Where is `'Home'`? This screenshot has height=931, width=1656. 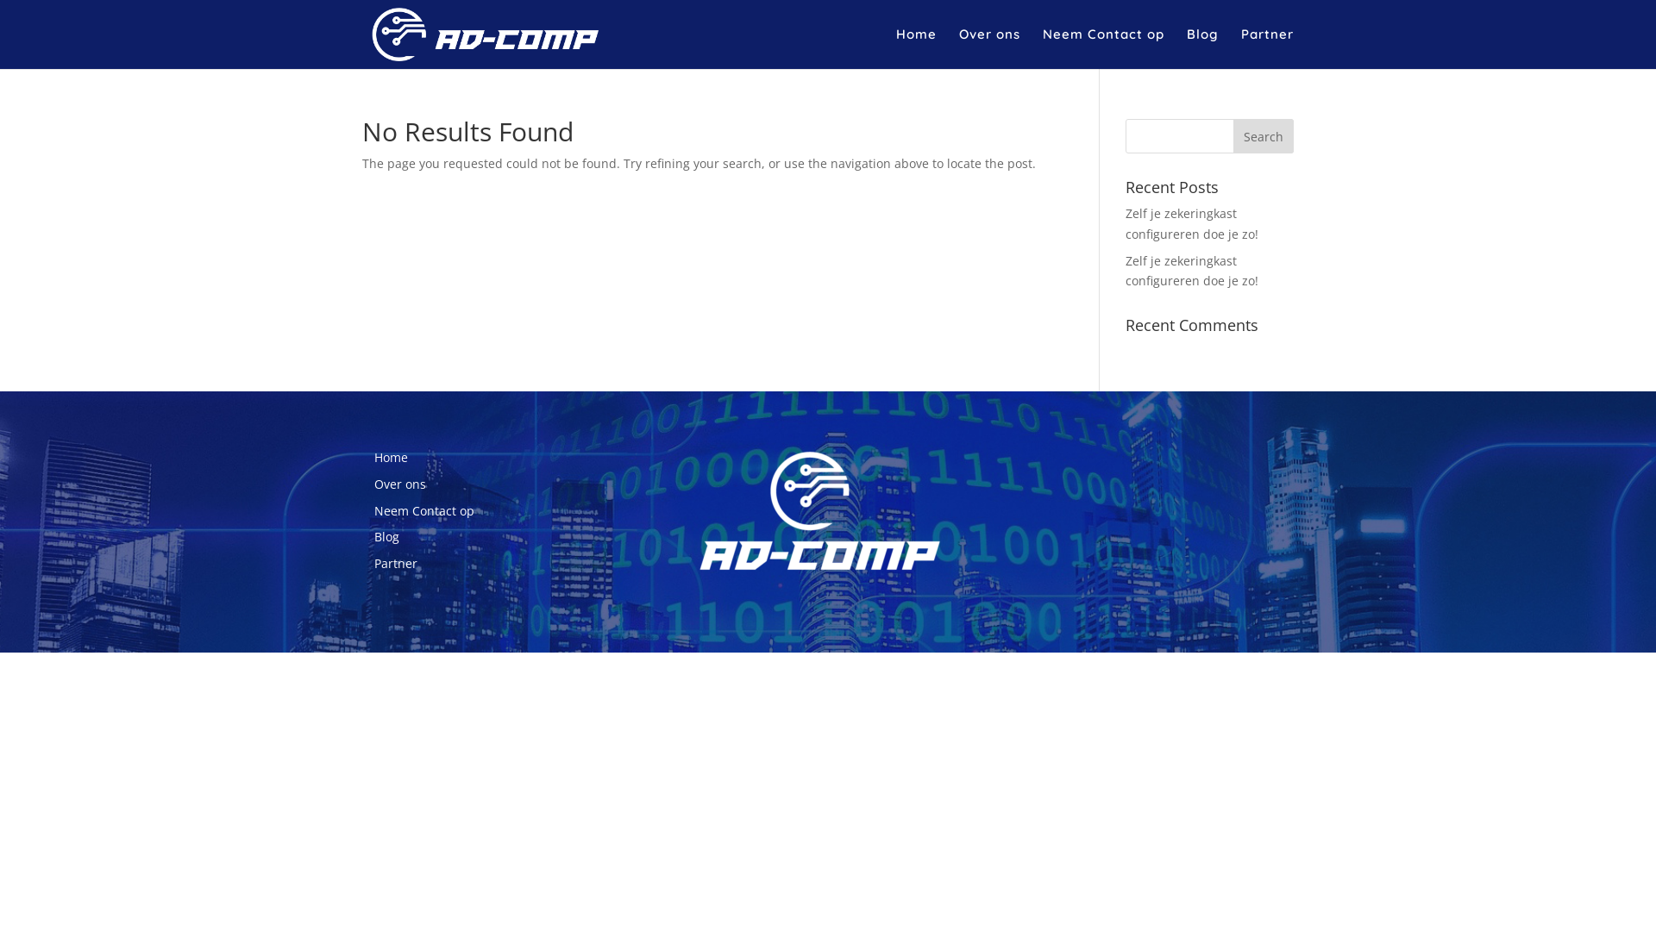 'Home' is located at coordinates (390, 456).